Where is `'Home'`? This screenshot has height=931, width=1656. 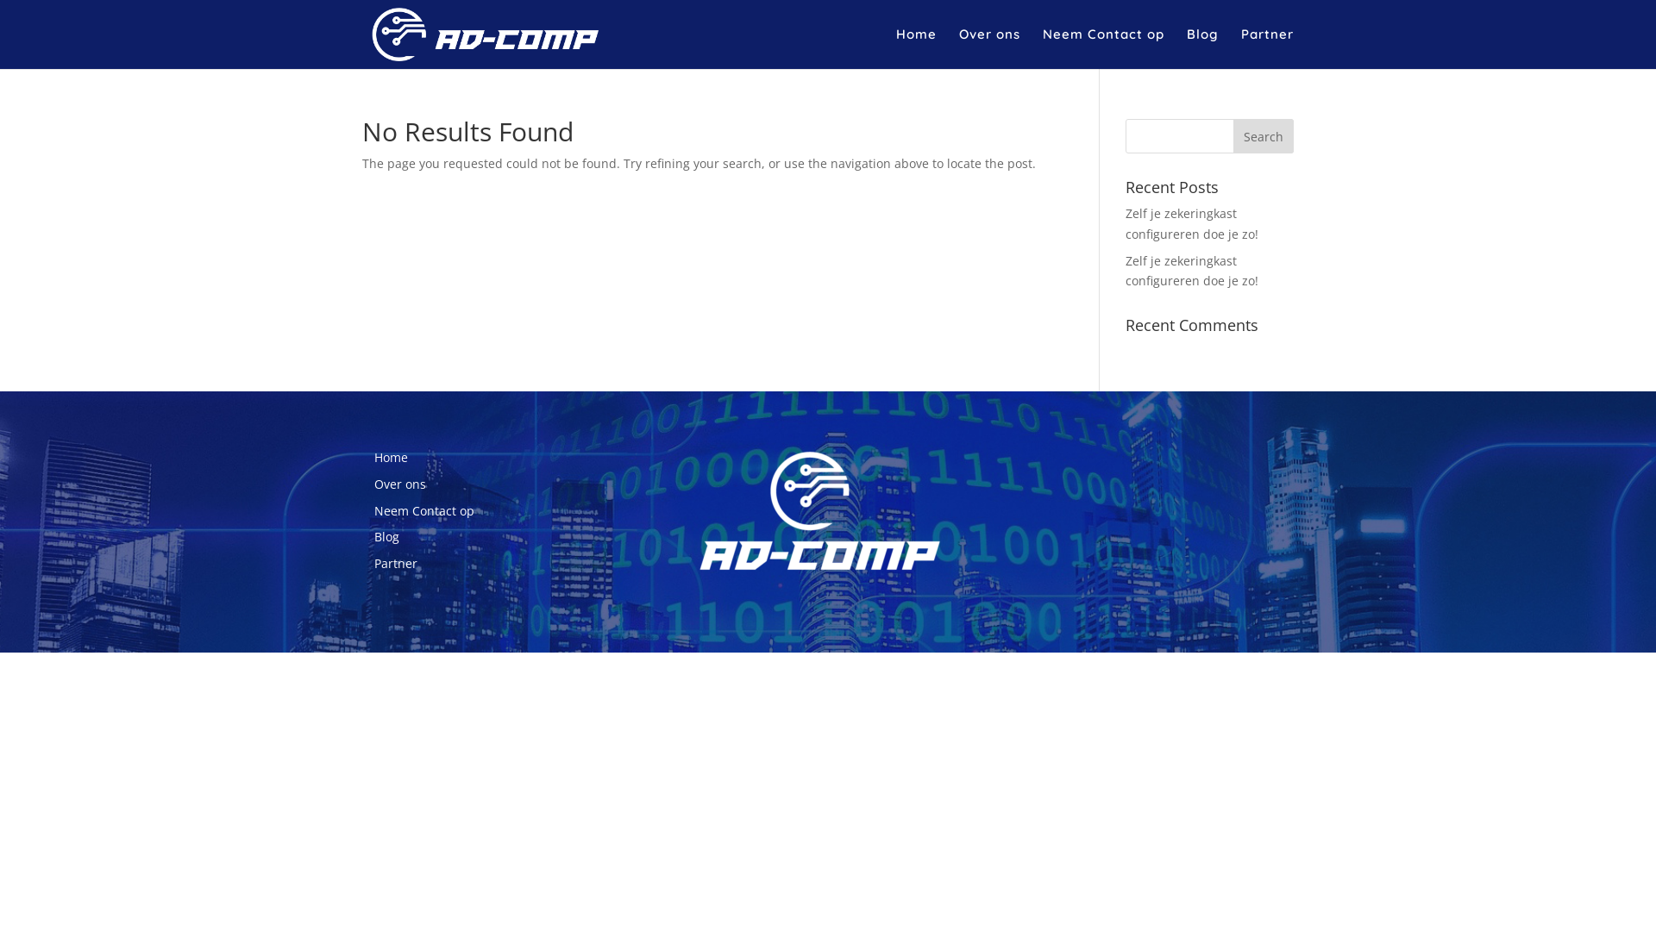 'Home' is located at coordinates (390, 456).